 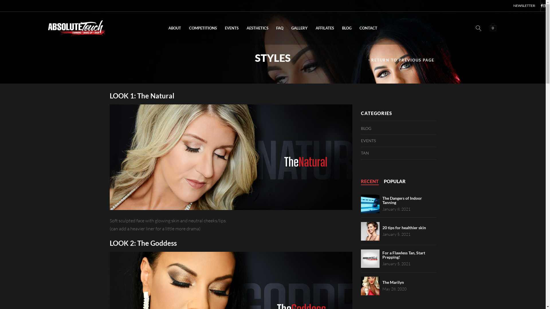 What do you see at coordinates (382, 200) in the screenshot?
I see `'The Dangers of Indoor Tanning'` at bounding box center [382, 200].